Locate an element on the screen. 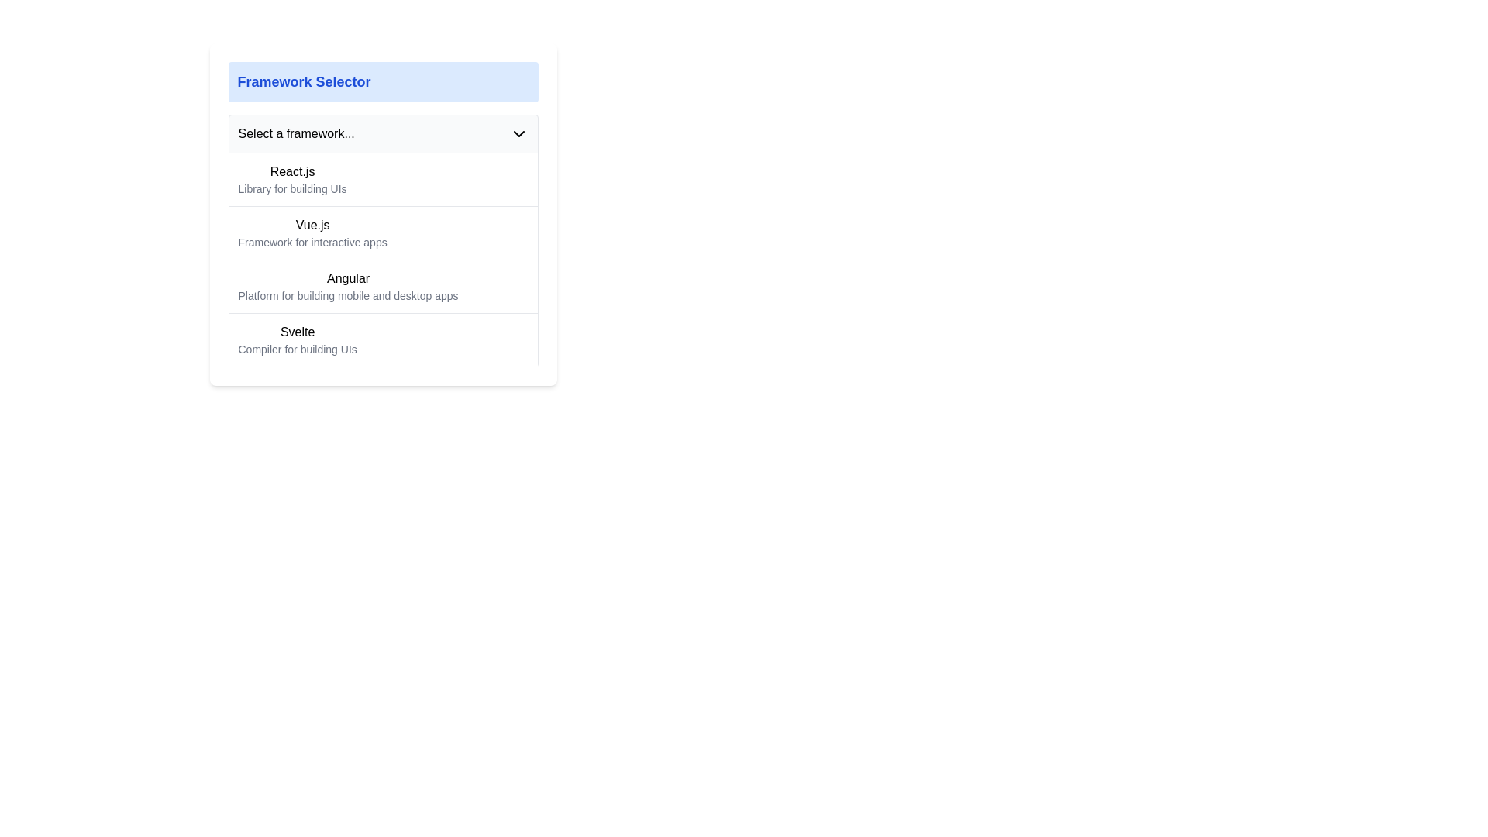 Image resolution: width=1488 pixels, height=837 pixels. the first interactive list item that indicates 'React.js' in the selection menu is located at coordinates (383, 178).